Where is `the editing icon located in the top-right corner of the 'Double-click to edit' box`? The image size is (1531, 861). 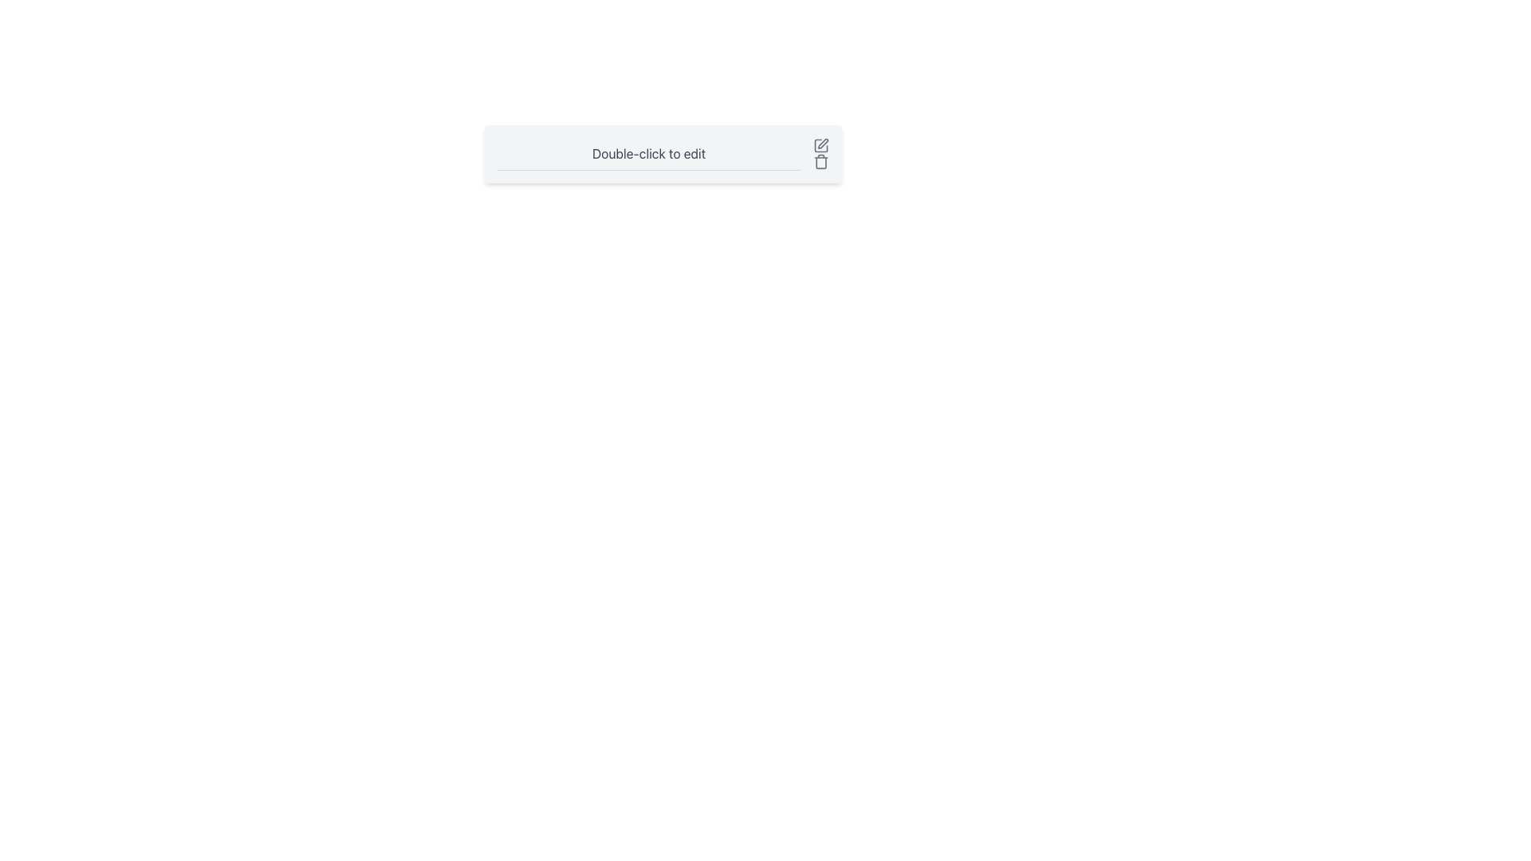 the editing icon located in the top-right corner of the 'Double-click to edit' box is located at coordinates (821, 145).